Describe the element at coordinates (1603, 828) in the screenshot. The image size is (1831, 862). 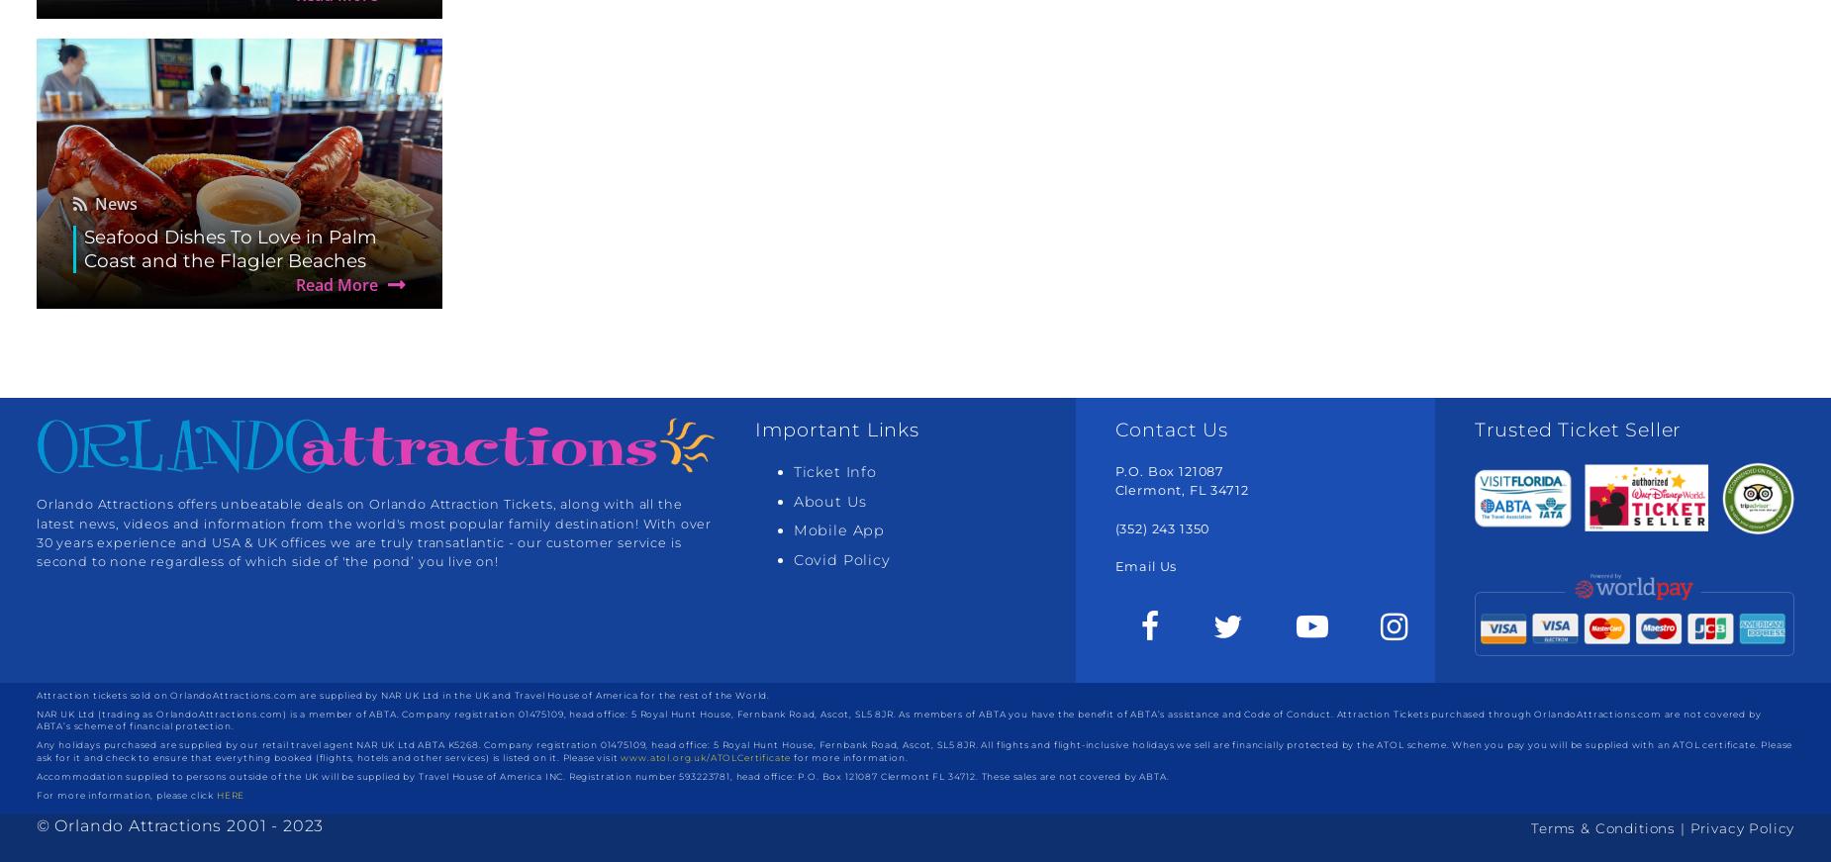
I see `'Terms & Conditions'` at that location.